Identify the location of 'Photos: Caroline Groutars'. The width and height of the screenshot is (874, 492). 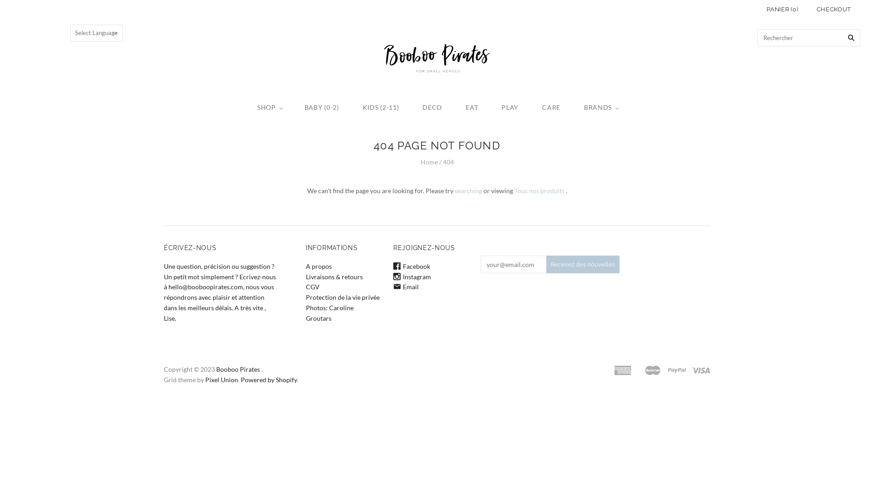
(329, 312).